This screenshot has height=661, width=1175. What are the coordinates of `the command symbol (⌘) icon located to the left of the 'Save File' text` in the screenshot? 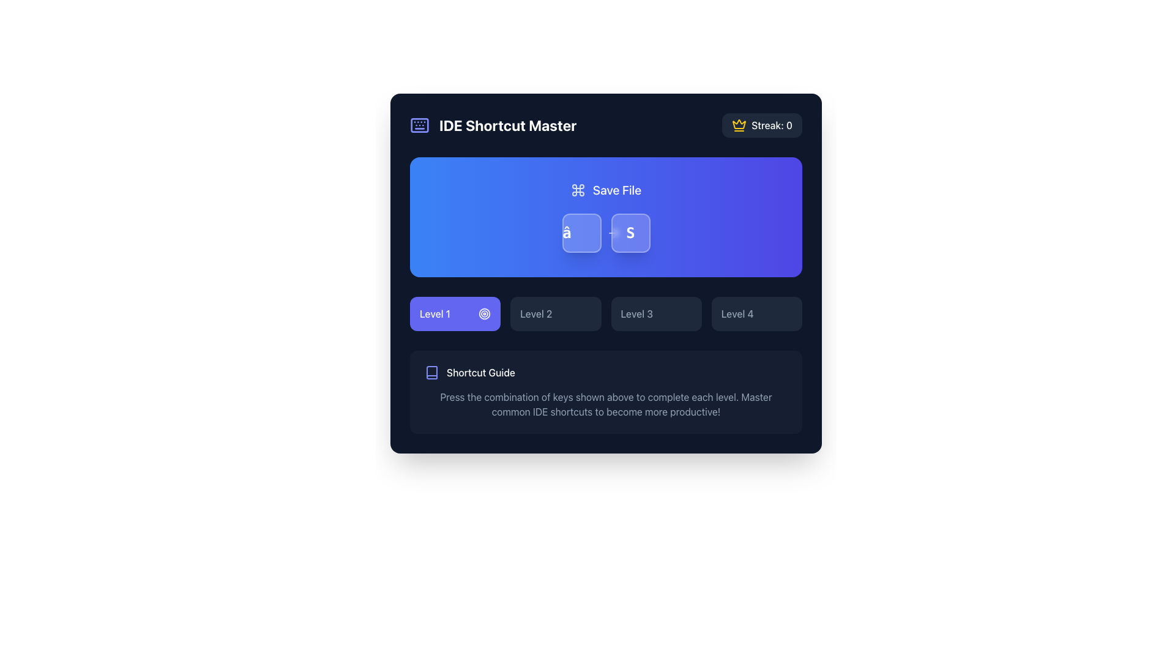 It's located at (577, 190).